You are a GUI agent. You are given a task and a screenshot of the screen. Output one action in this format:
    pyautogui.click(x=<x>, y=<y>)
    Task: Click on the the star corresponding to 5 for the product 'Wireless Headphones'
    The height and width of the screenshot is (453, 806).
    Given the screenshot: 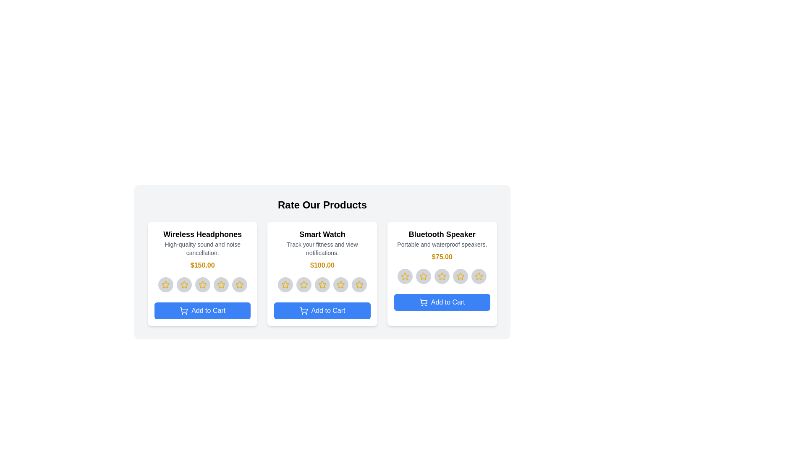 What is the action you would take?
    pyautogui.click(x=239, y=284)
    